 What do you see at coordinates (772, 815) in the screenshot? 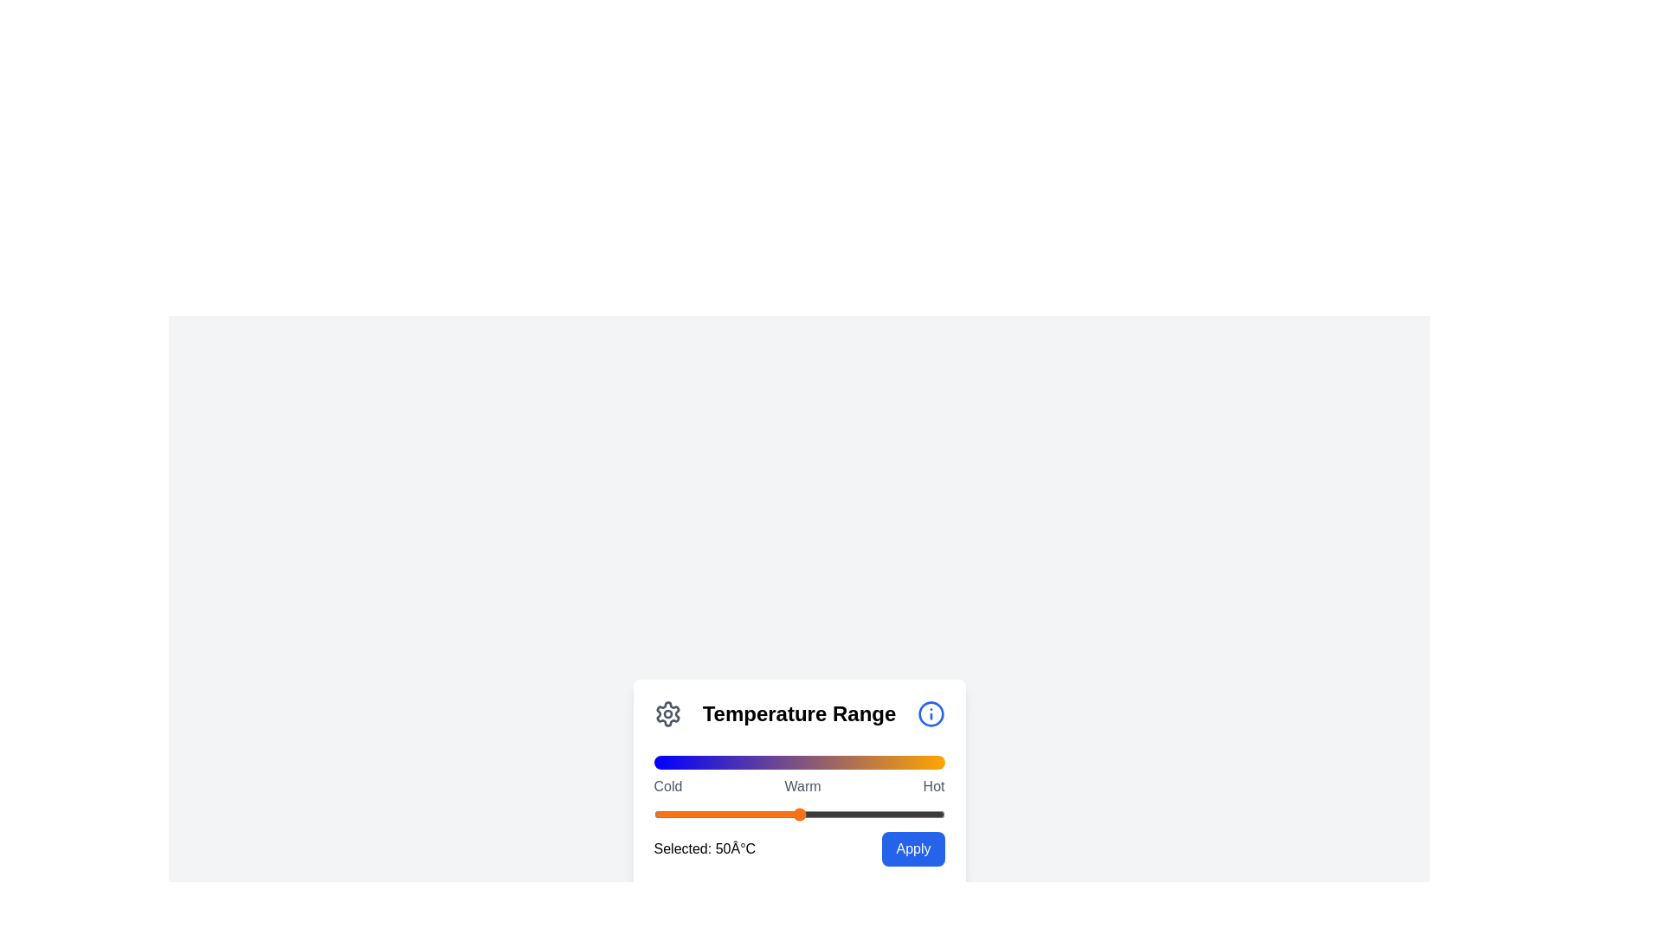
I see `the slider to set the temperature value to 41` at bounding box center [772, 815].